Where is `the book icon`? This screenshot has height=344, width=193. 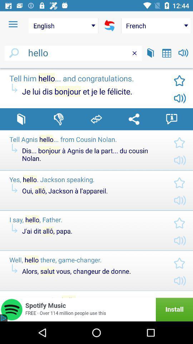 the book icon is located at coordinates (150, 52).